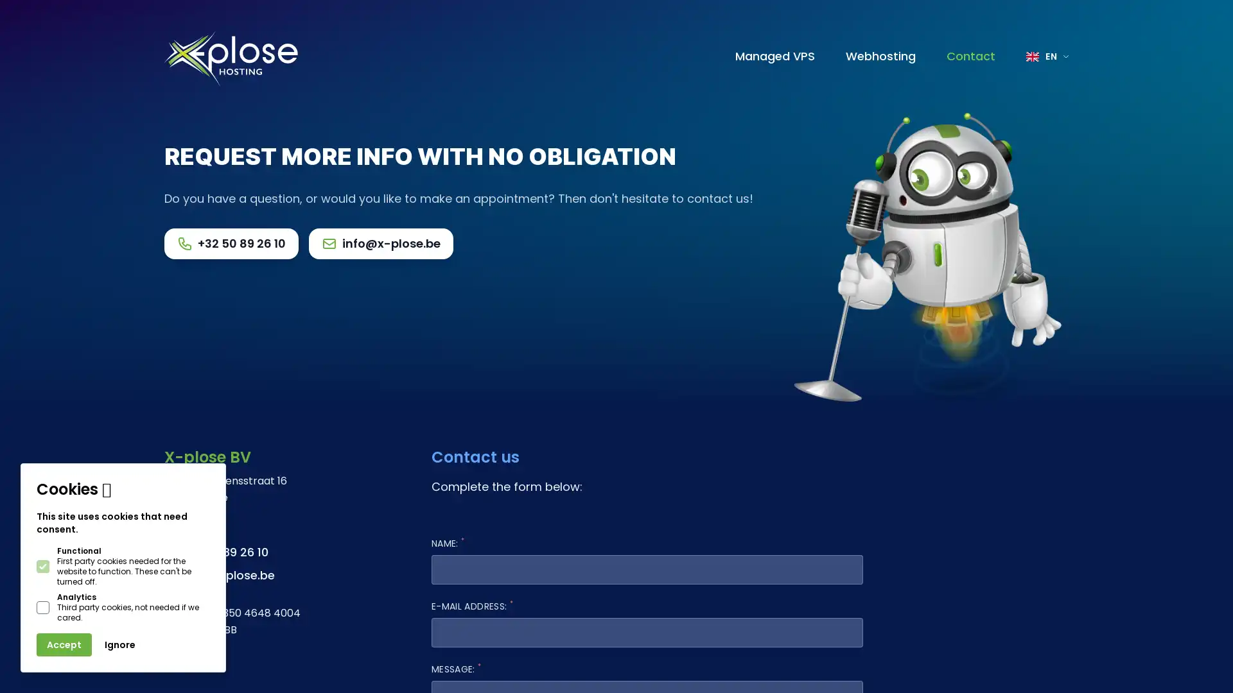 The height and width of the screenshot is (693, 1233). I want to click on Accept, so click(64, 645).